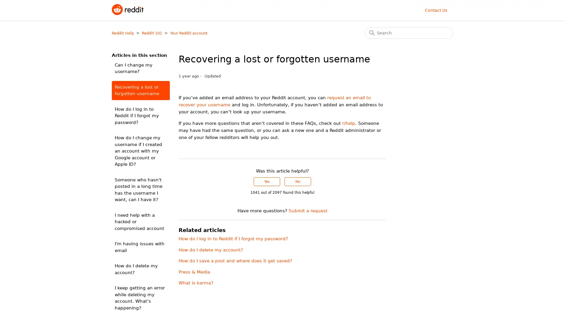 Image resolution: width=565 pixels, height=318 pixels. What do you see at coordinates (298, 181) in the screenshot?
I see `This article was not helpful` at bounding box center [298, 181].